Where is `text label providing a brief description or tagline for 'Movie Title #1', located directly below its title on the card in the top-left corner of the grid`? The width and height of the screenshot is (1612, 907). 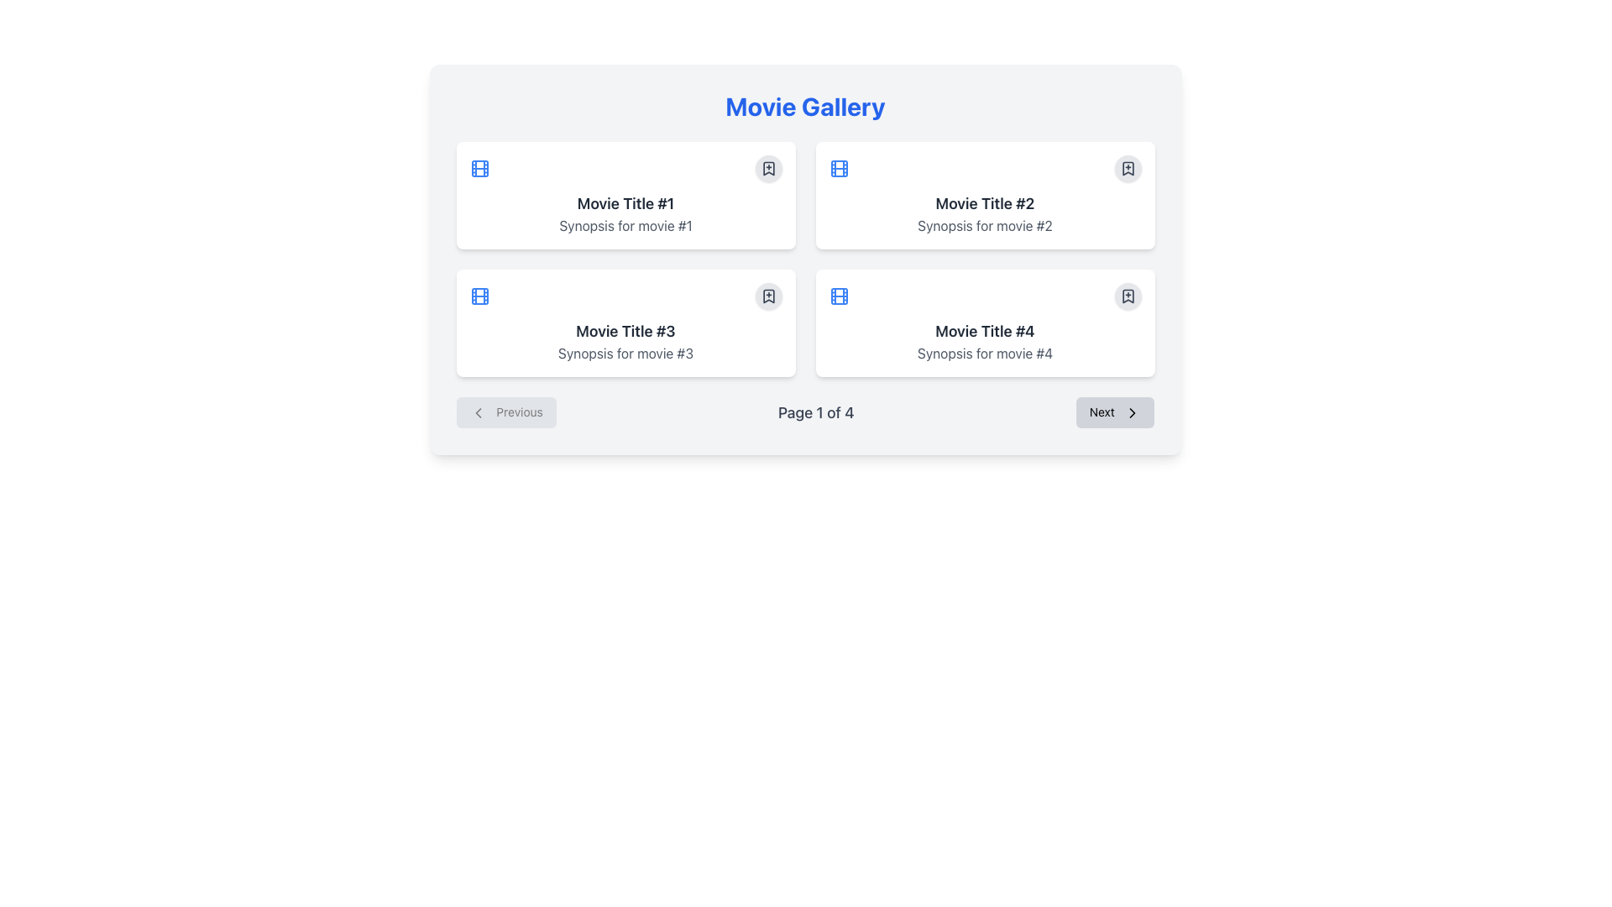 text label providing a brief description or tagline for 'Movie Title #1', located directly below its title on the card in the top-left corner of the grid is located at coordinates (625, 225).